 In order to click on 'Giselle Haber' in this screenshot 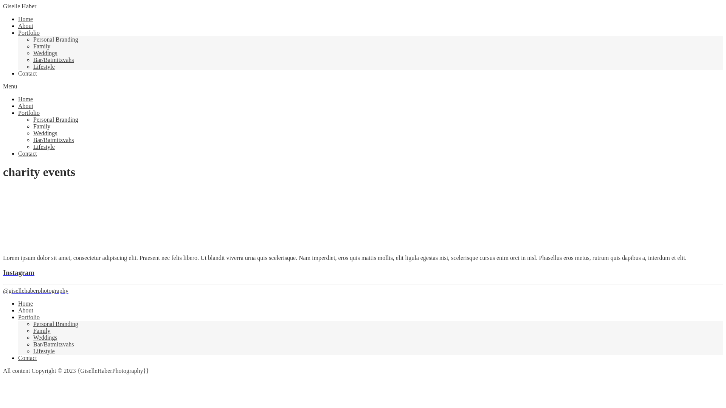, I will do `click(20, 6)`.